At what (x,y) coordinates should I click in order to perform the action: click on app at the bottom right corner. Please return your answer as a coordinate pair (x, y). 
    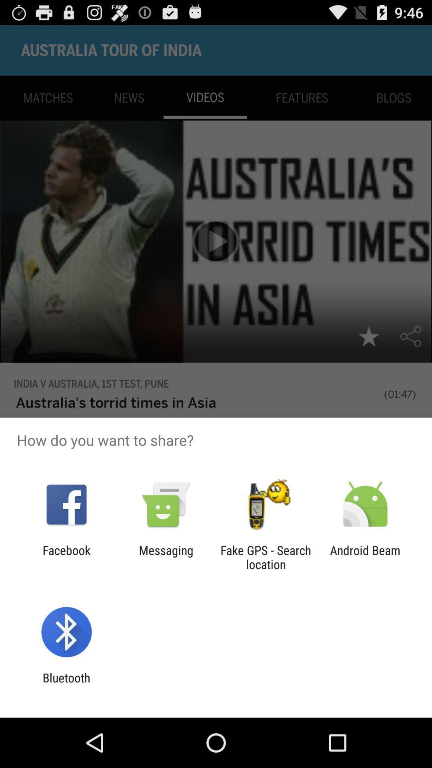
    Looking at the image, I should click on (365, 557).